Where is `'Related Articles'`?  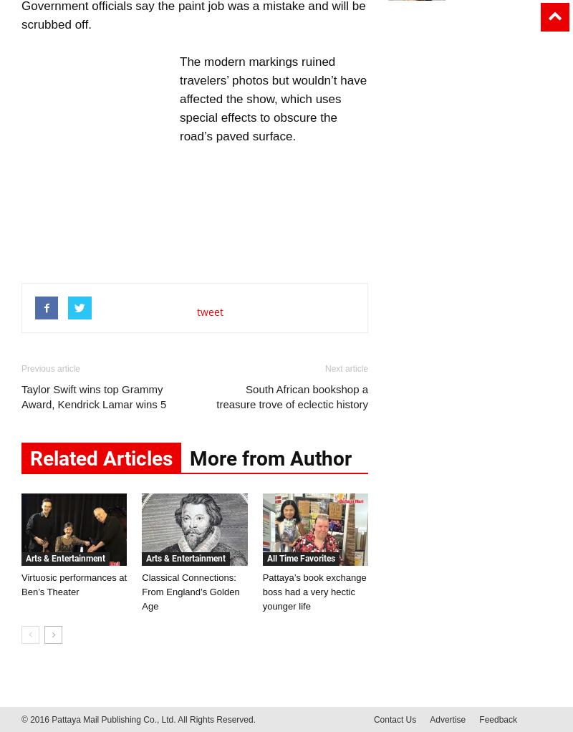
'Related Articles' is located at coordinates (101, 458).